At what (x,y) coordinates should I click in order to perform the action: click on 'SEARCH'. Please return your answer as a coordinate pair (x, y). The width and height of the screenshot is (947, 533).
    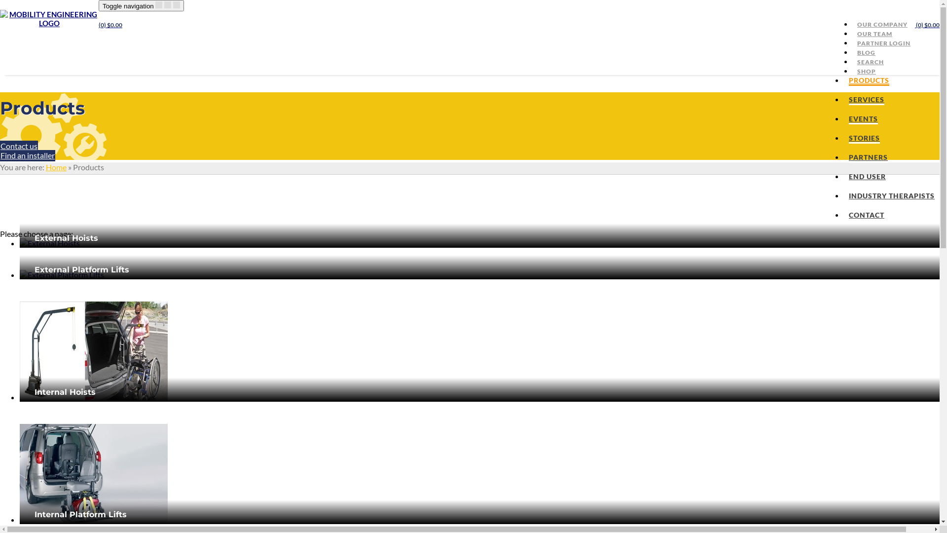
    Looking at the image, I should click on (852, 62).